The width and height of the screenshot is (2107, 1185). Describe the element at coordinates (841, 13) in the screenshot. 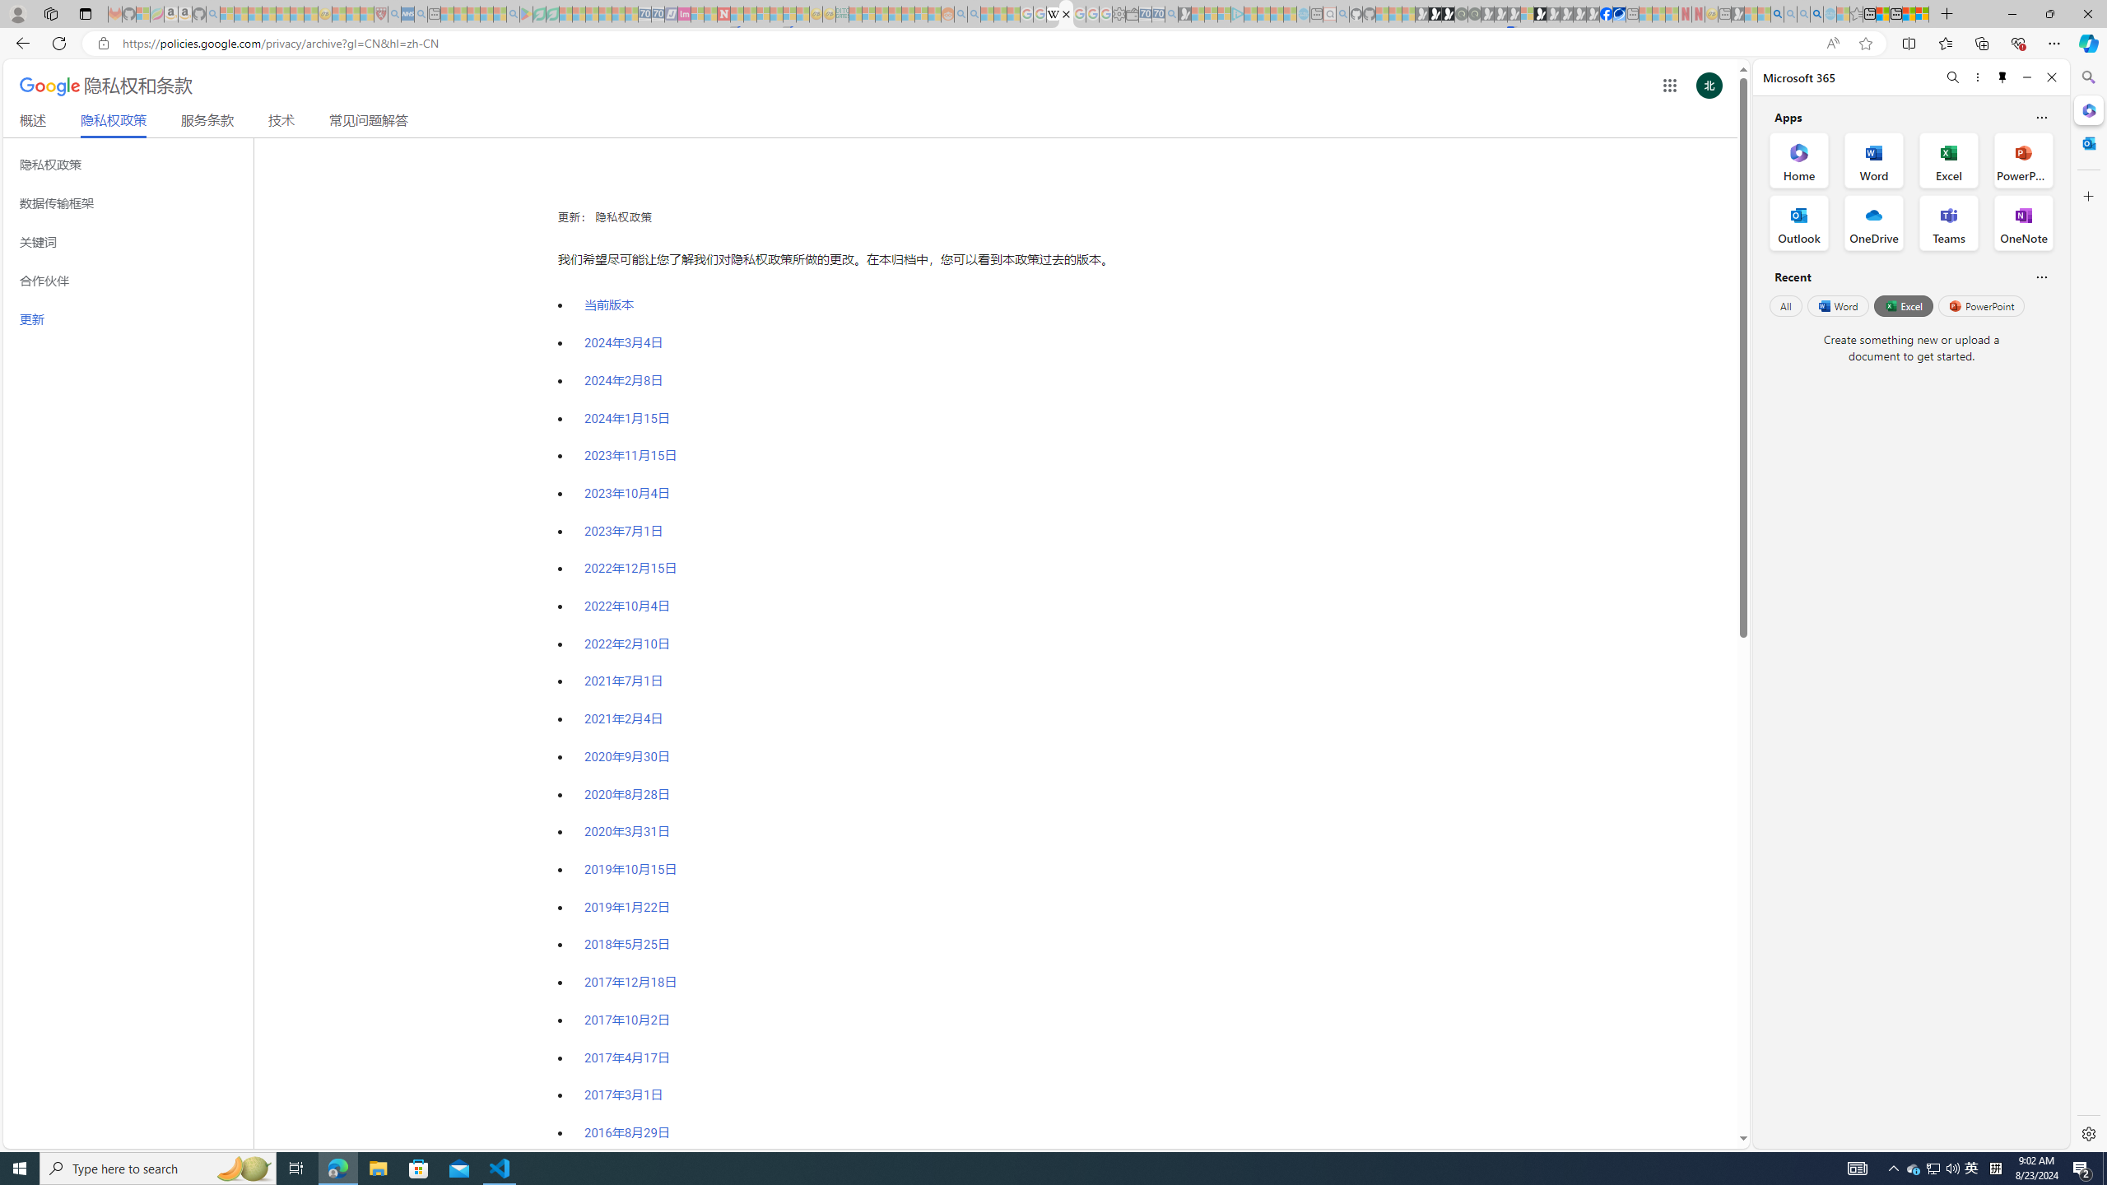

I see `'DITOGAMES AG Imprint - Sleeping'` at that location.